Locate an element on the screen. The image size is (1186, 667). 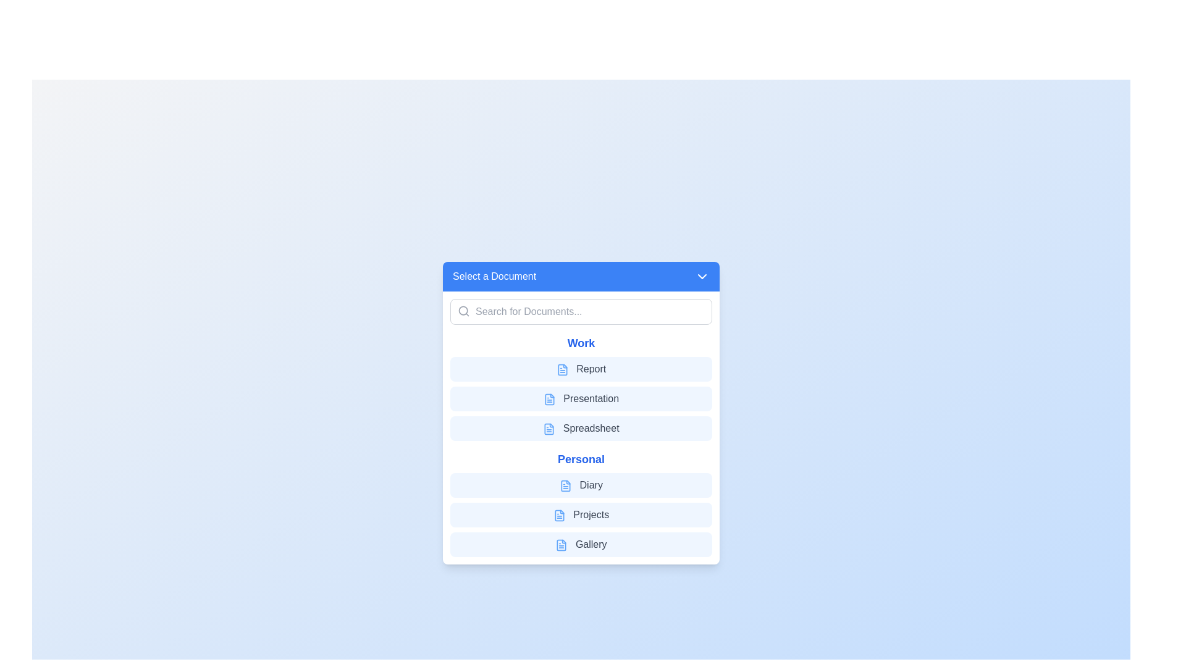
the 'Projects' button, which is a horizontally aligned rectangular button with rounded corners and a light-blue background, located in the 'Personal' section between 'Diary' and 'Gallery' is located at coordinates (580, 514).